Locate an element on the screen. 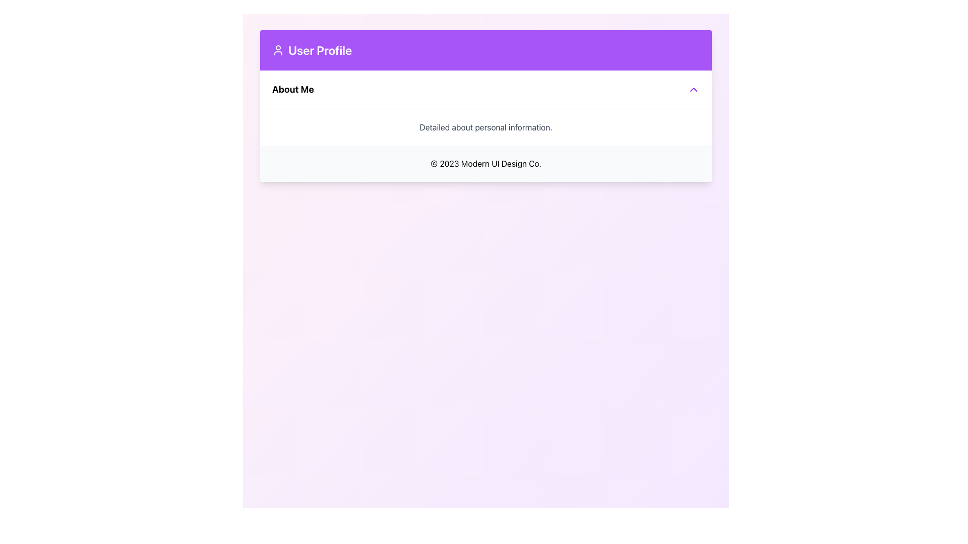 The width and height of the screenshot is (968, 544). the informational text located beneath the 'About Me' header, which provides additional information related to the user's profile section is located at coordinates (486, 126).